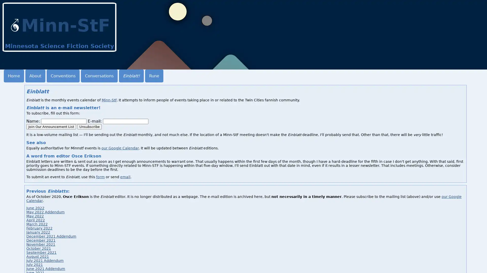 This screenshot has width=487, height=273. What do you see at coordinates (99, 76) in the screenshot?
I see `Conversations` at bounding box center [99, 76].